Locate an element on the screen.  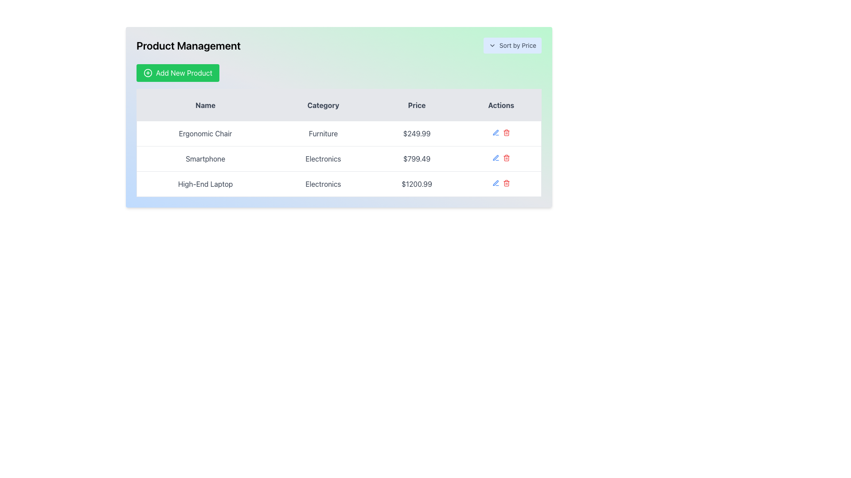
the text label identifying the product 'Smartphone' located in the second row of the table in the 'Name' column is located at coordinates (205, 158).